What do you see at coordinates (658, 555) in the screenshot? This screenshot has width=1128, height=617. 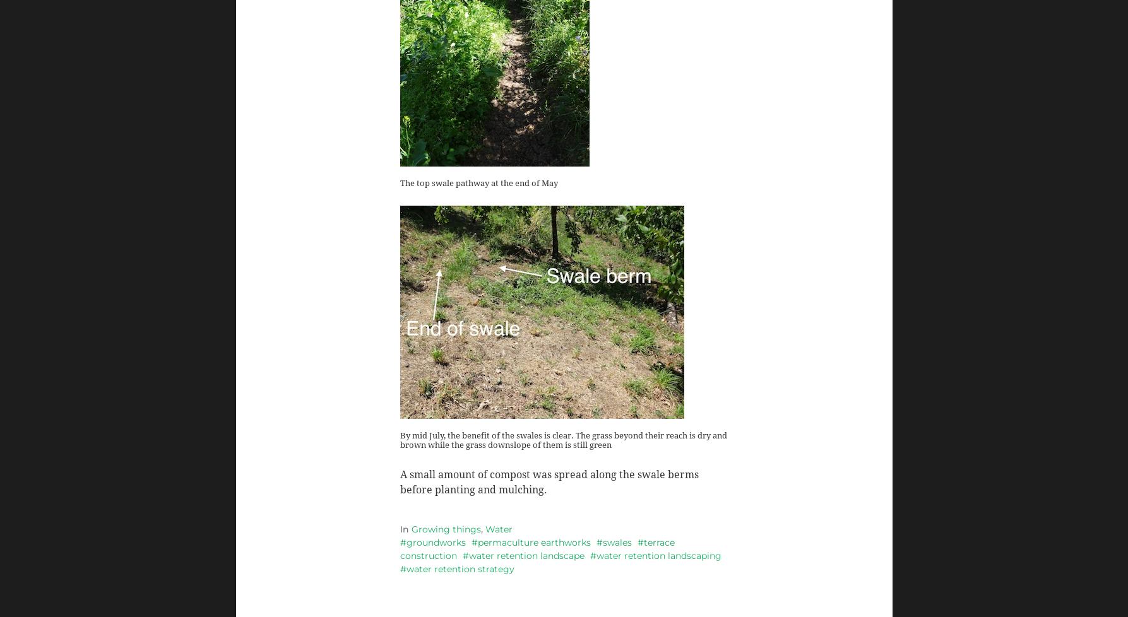 I see `'water retention landscaping'` at bounding box center [658, 555].